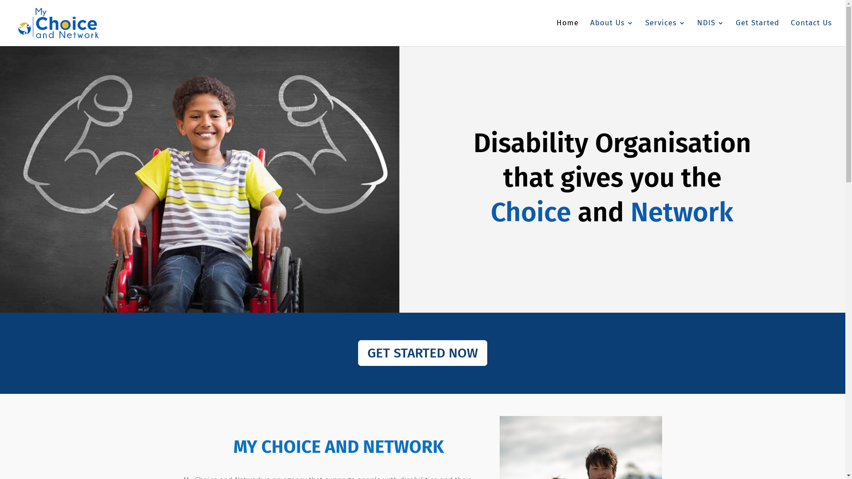 The width and height of the screenshot is (852, 479). I want to click on 'GET STARTED NOW', so click(422, 352).